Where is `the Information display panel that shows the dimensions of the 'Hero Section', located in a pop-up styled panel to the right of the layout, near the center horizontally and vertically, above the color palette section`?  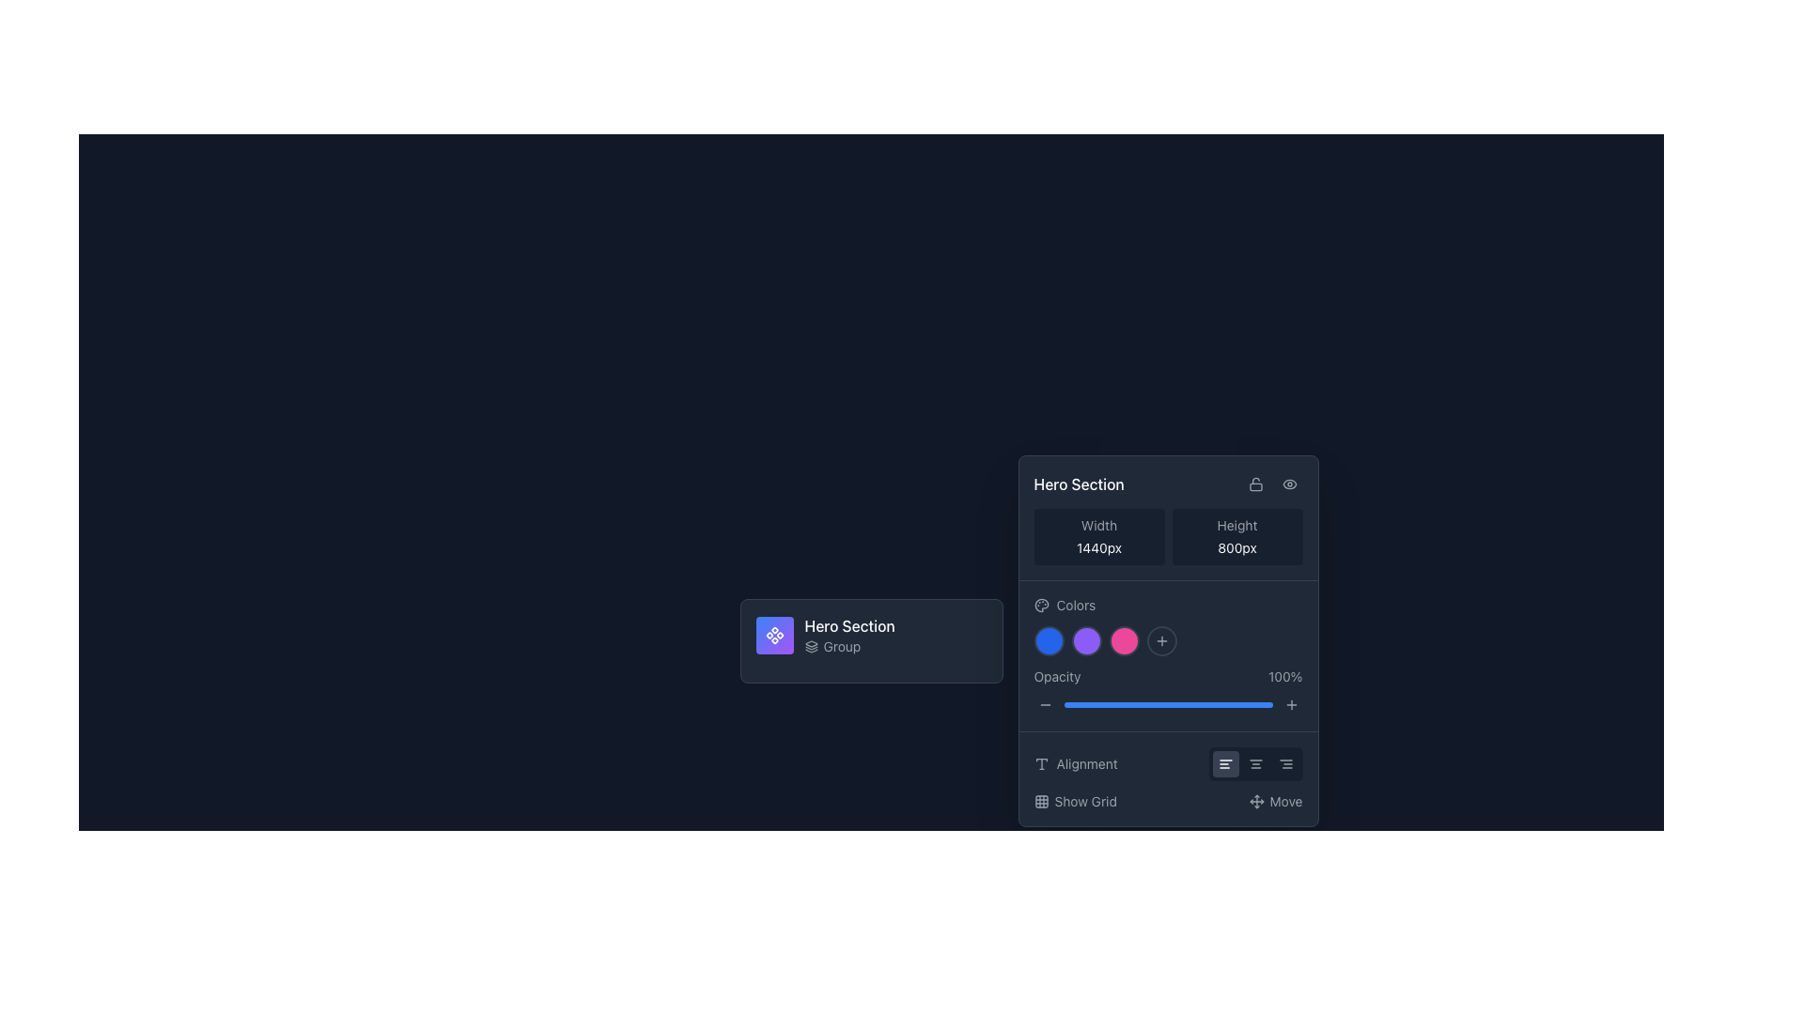
the Information display panel that shows the dimensions of the 'Hero Section', located in a pop-up styled panel to the right of the layout, near the center horizontally and vertically, above the color palette section is located at coordinates (1167, 518).